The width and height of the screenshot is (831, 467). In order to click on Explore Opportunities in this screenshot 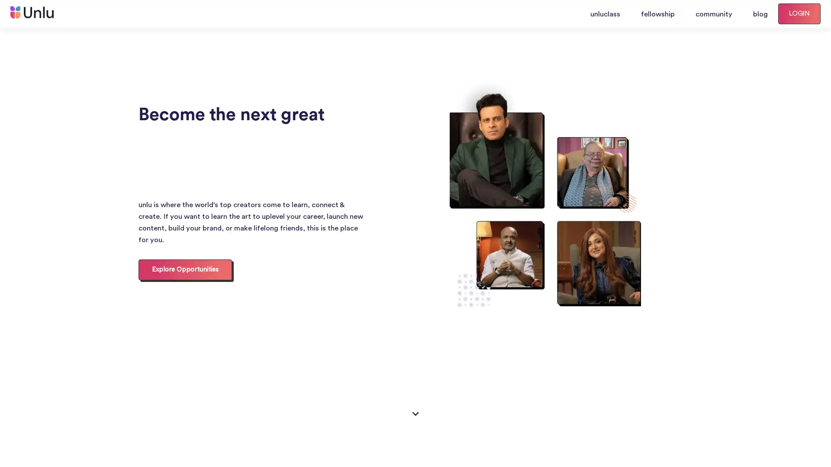, I will do `click(184, 269)`.